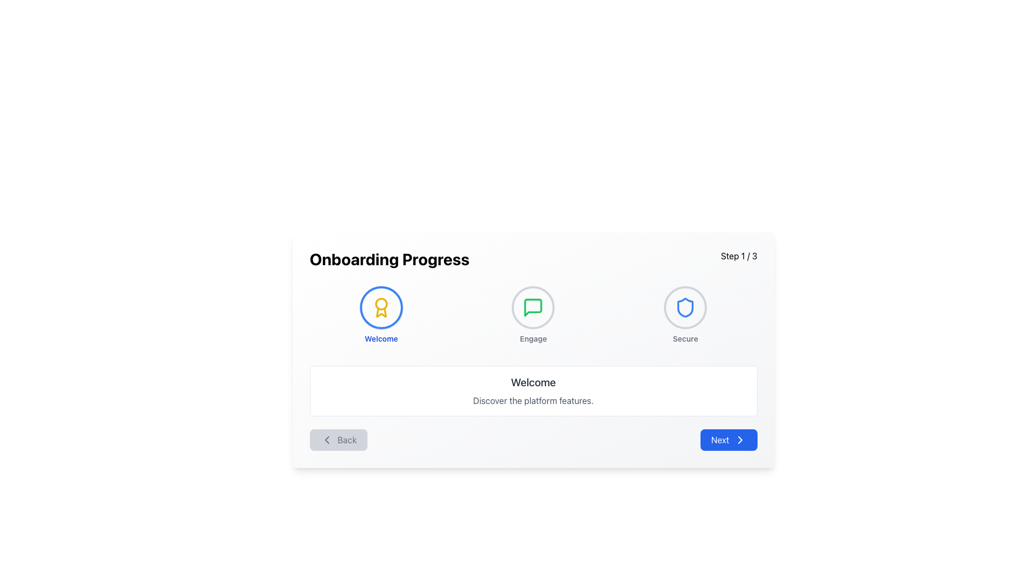 The height and width of the screenshot is (581, 1033). I want to click on the shield icon with a blue outline, which is positioned above the text label 'Secure' in the lower-right quadrant of the central interface section, so click(685, 307).